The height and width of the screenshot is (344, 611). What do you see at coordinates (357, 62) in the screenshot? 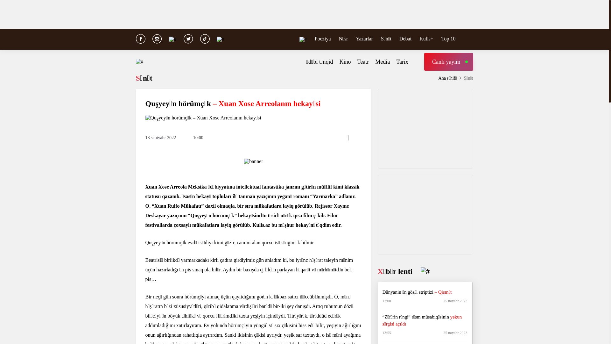
I see `'Teatr'` at bounding box center [357, 62].